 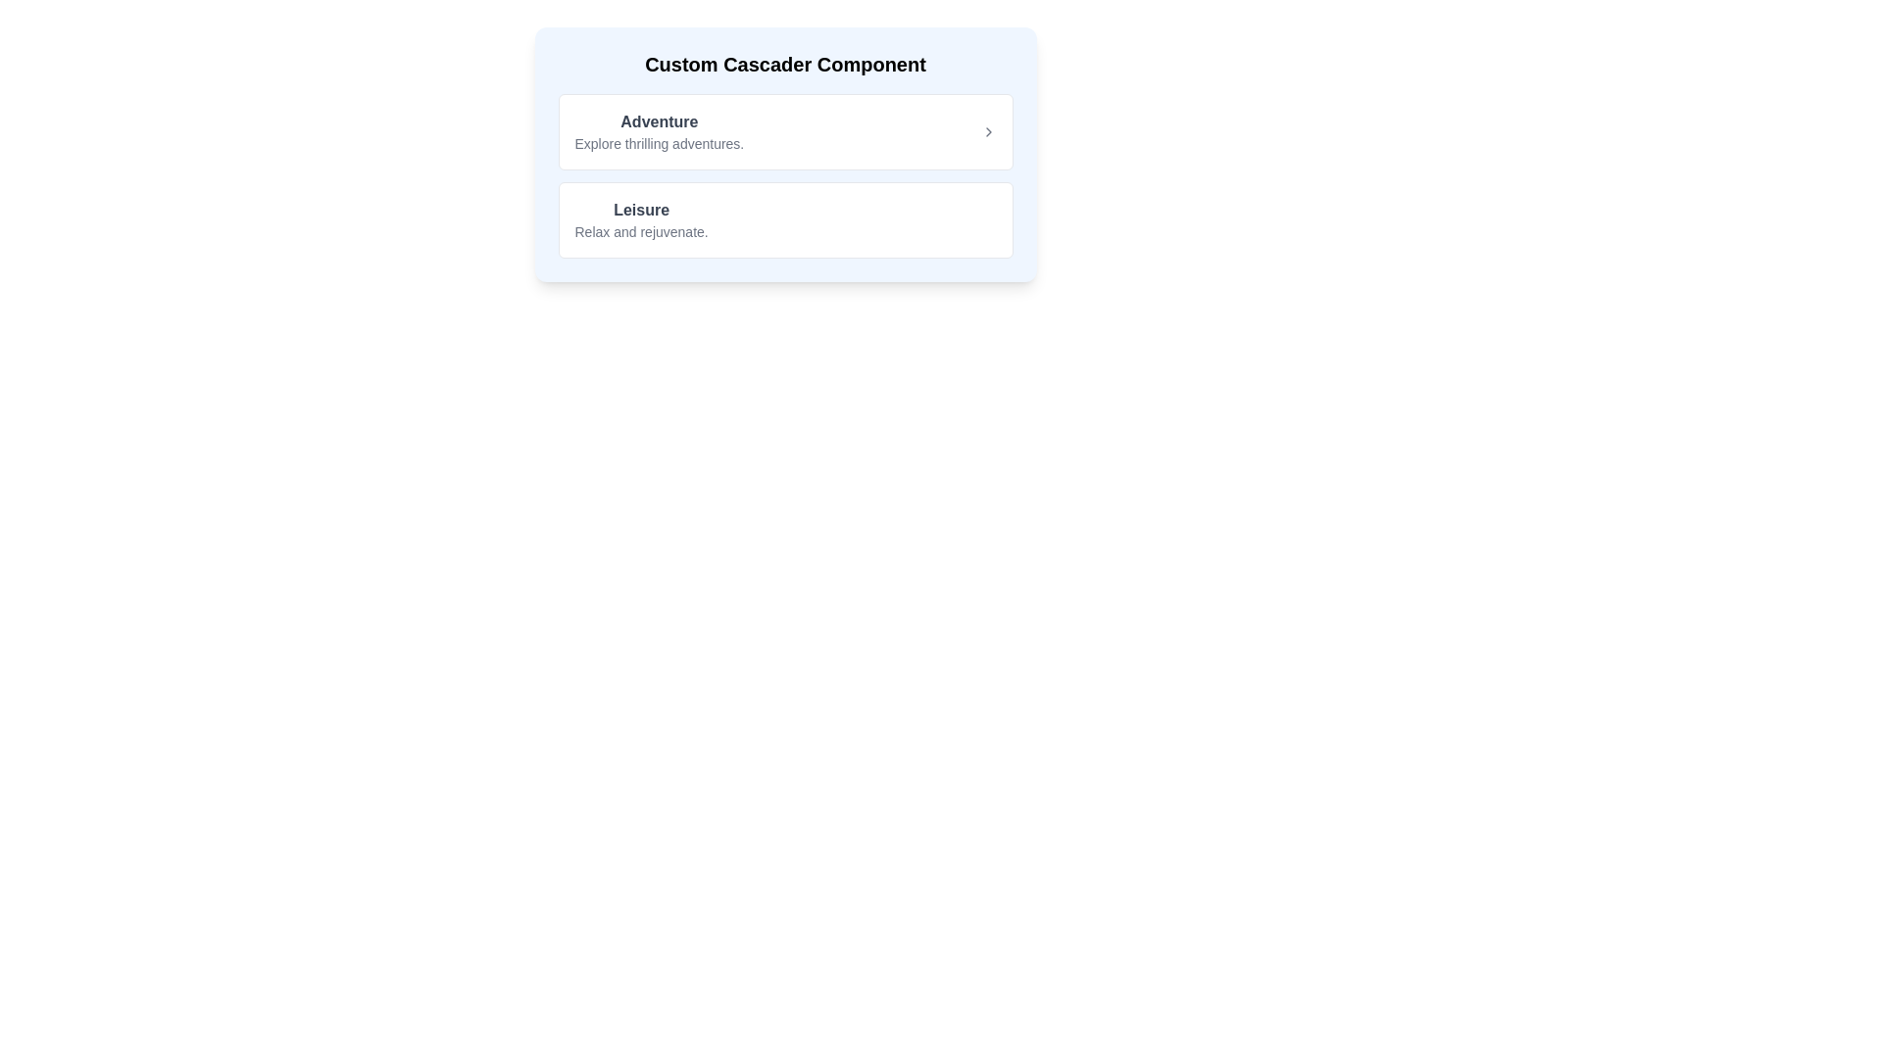 I want to click on the bold gray 'Adventure' text label located at the top of the Custom Cascader Component section, above the description text 'Explore thrilling adventures.', so click(x=659, y=121).